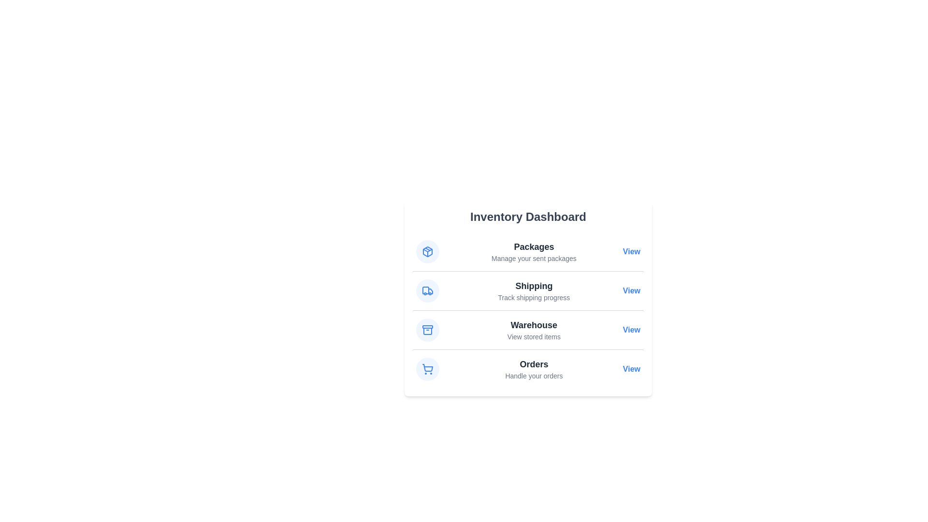  Describe the element at coordinates (631, 329) in the screenshot. I see `the 'View' link for Warehouse` at that location.